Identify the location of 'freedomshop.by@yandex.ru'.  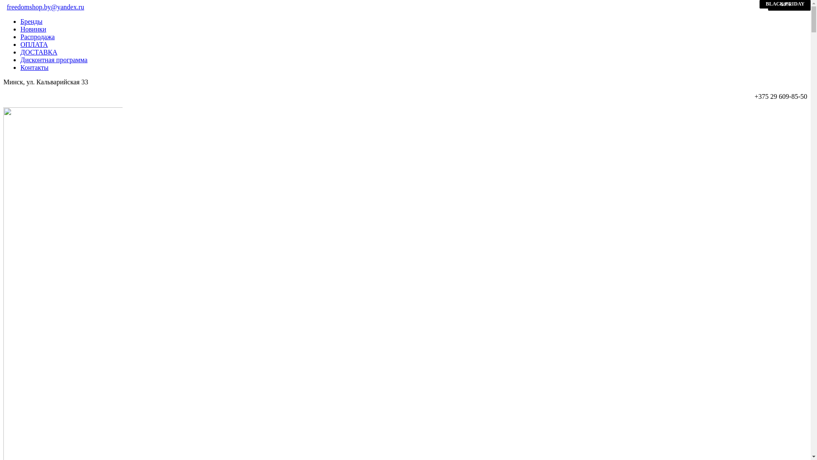
(45, 7).